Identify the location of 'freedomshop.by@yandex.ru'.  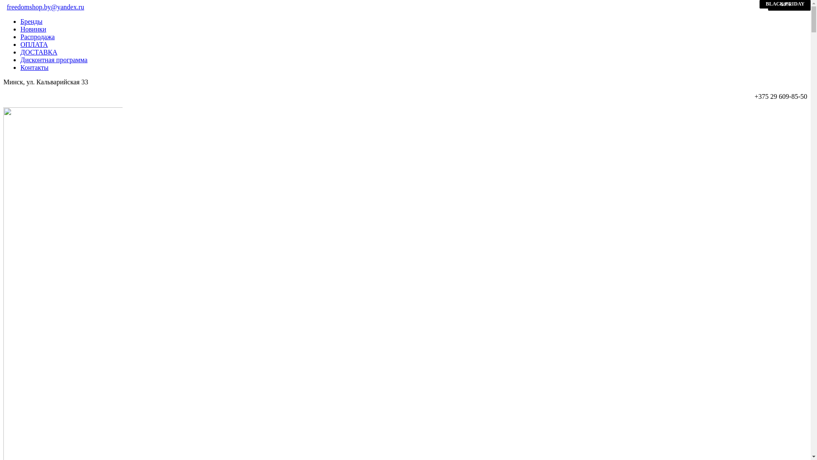
(45, 7).